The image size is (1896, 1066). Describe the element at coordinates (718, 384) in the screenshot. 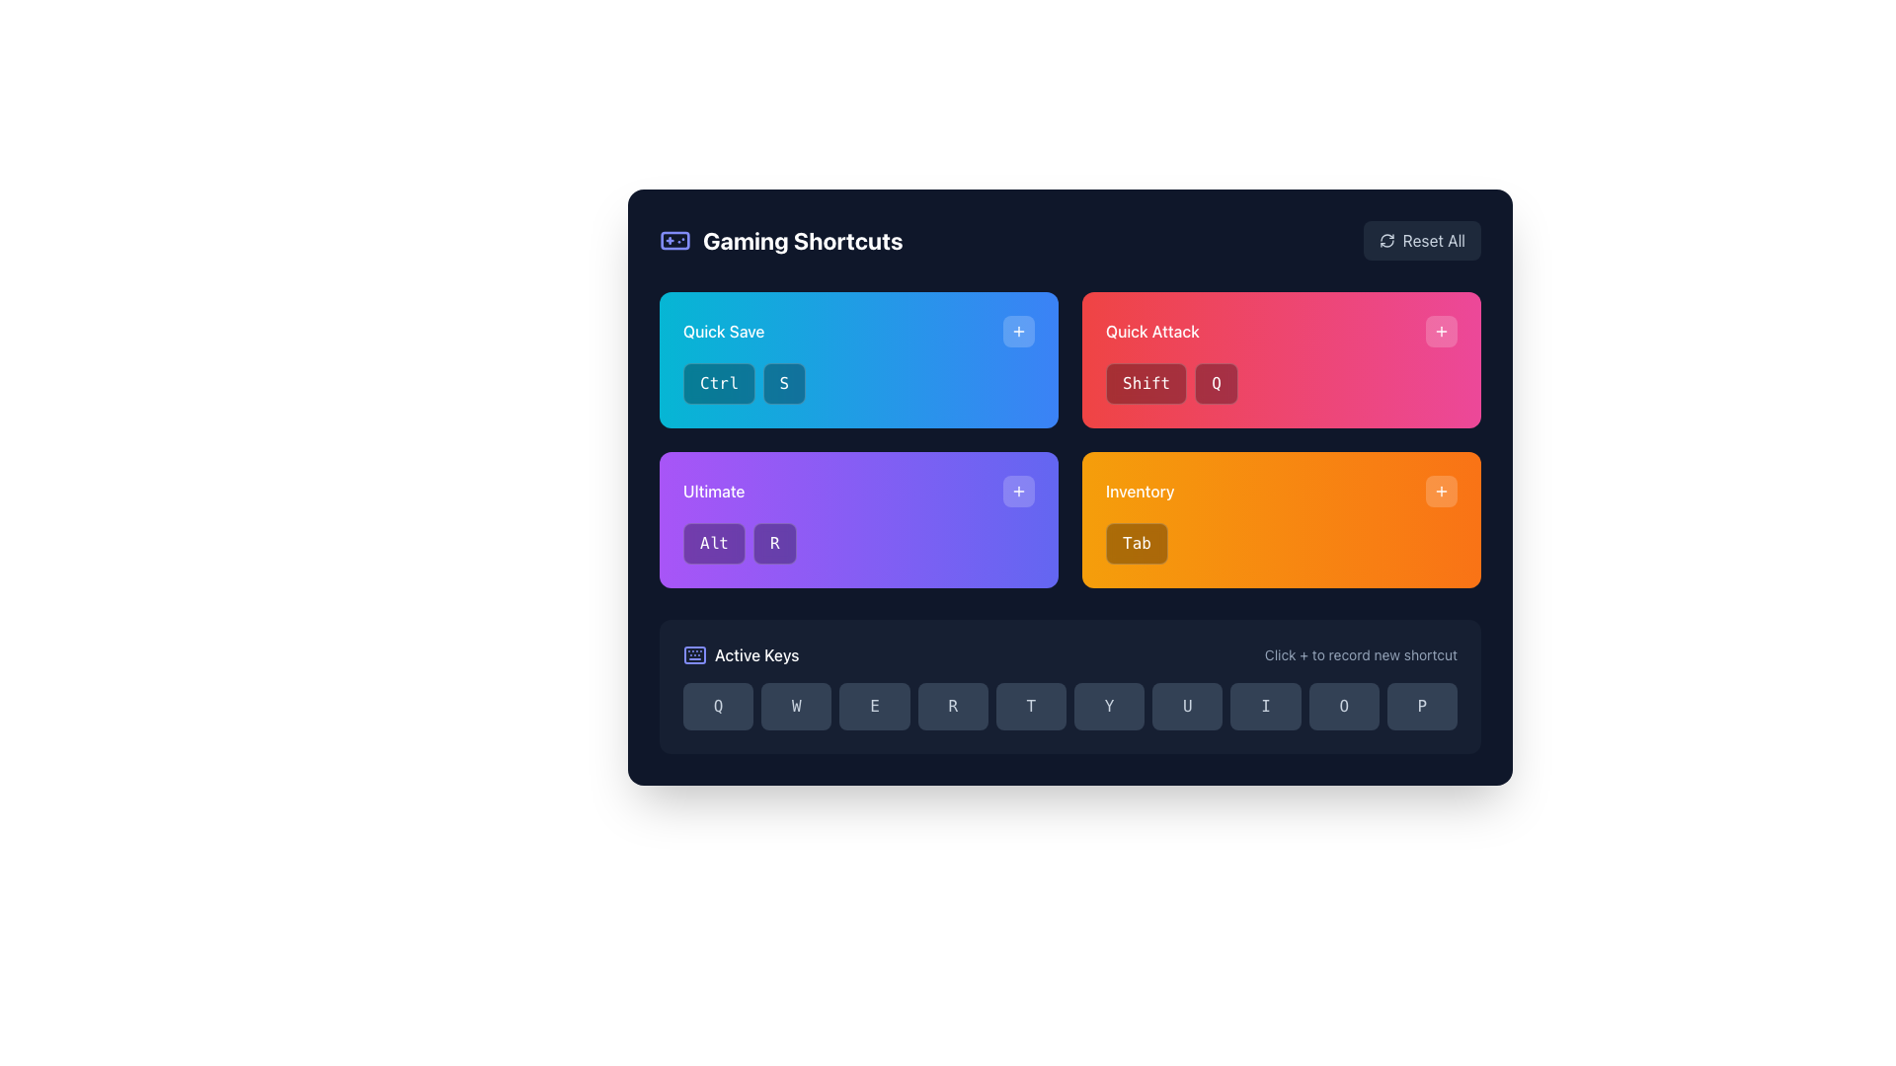

I see `the rounded rectangular button with a dark blue background and white text labeled 'Ctrl', located in the 'Quick Save' section, to the left of the 'S' button` at that location.